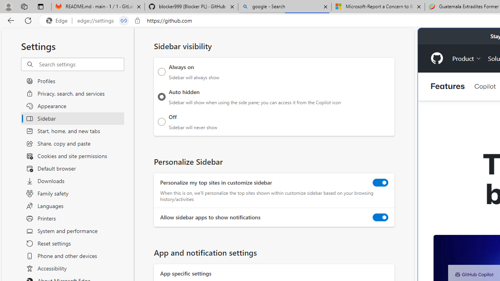  Describe the element at coordinates (378, 7) in the screenshot. I see `'Microsoft-Report a Concern to Bing'` at that location.